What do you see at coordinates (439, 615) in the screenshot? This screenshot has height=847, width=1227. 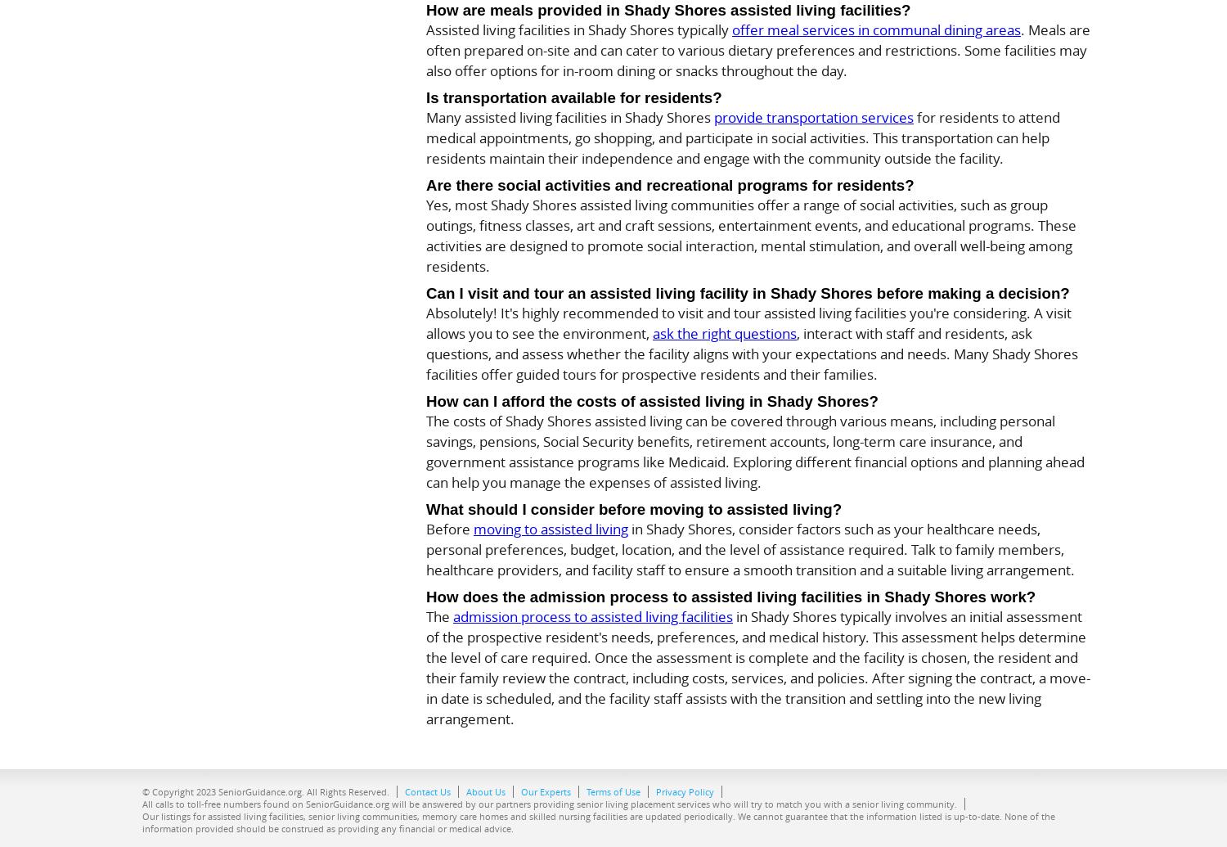 I see `'The'` at bounding box center [439, 615].